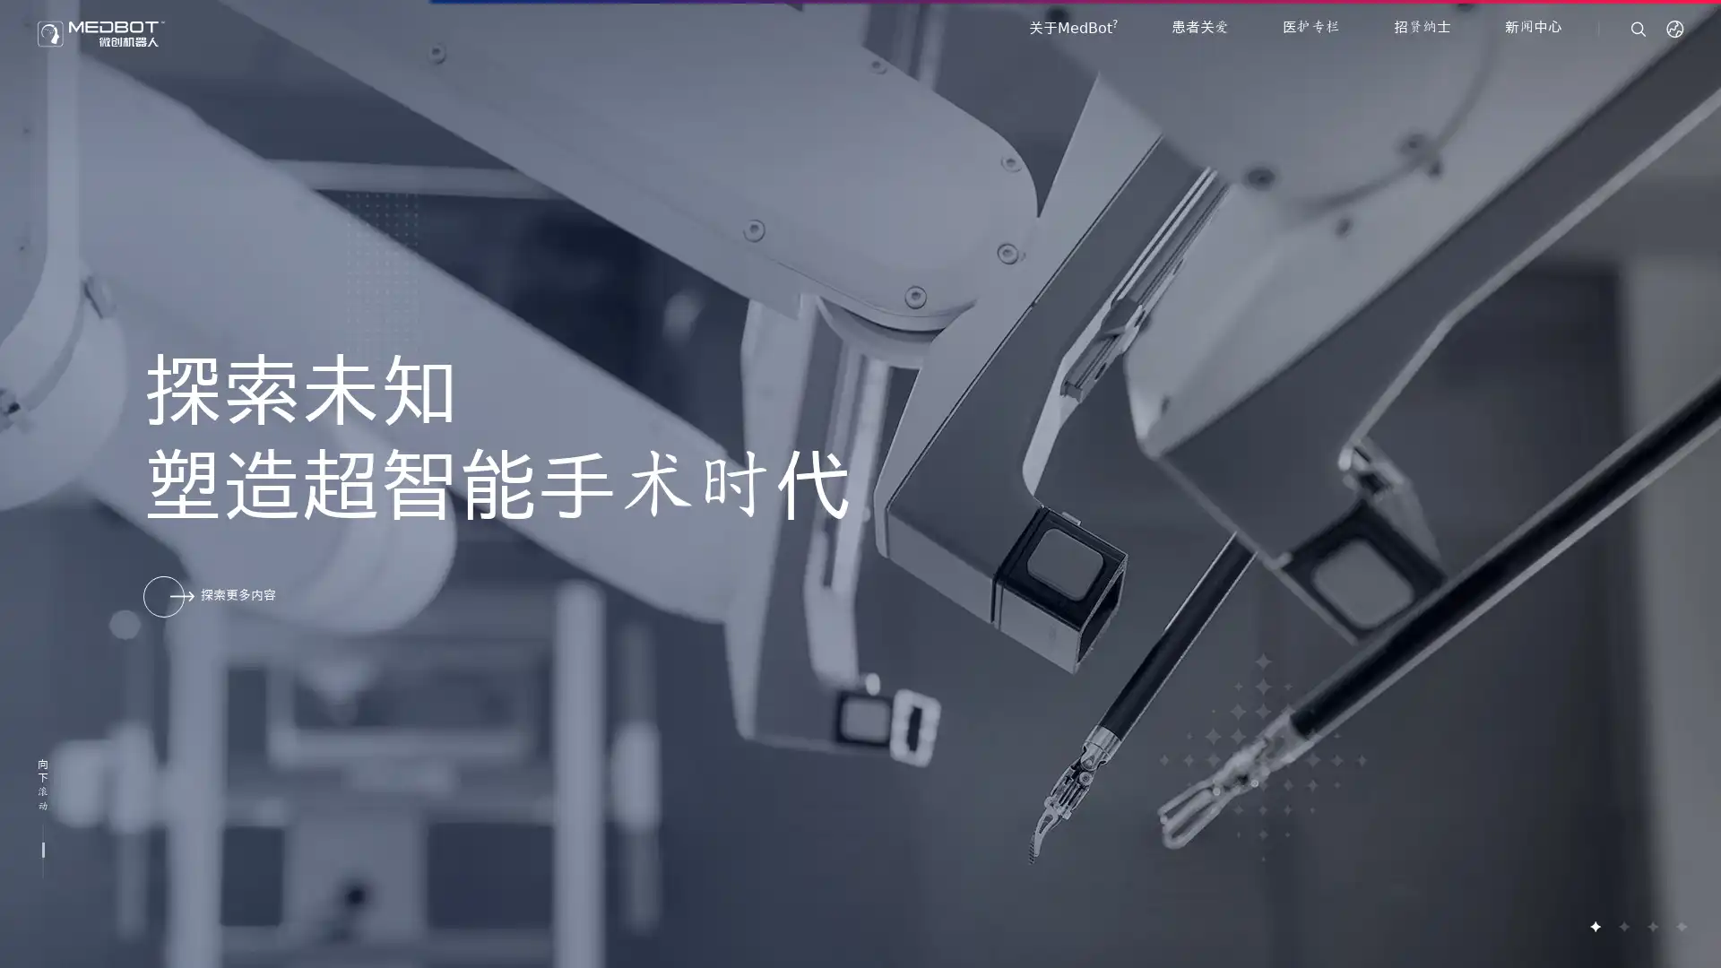 Image resolution: width=1721 pixels, height=968 pixels. What do you see at coordinates (1622, 926) in the screenshot?
I see `Go to slide 2` at bounding box center [1622, 926].